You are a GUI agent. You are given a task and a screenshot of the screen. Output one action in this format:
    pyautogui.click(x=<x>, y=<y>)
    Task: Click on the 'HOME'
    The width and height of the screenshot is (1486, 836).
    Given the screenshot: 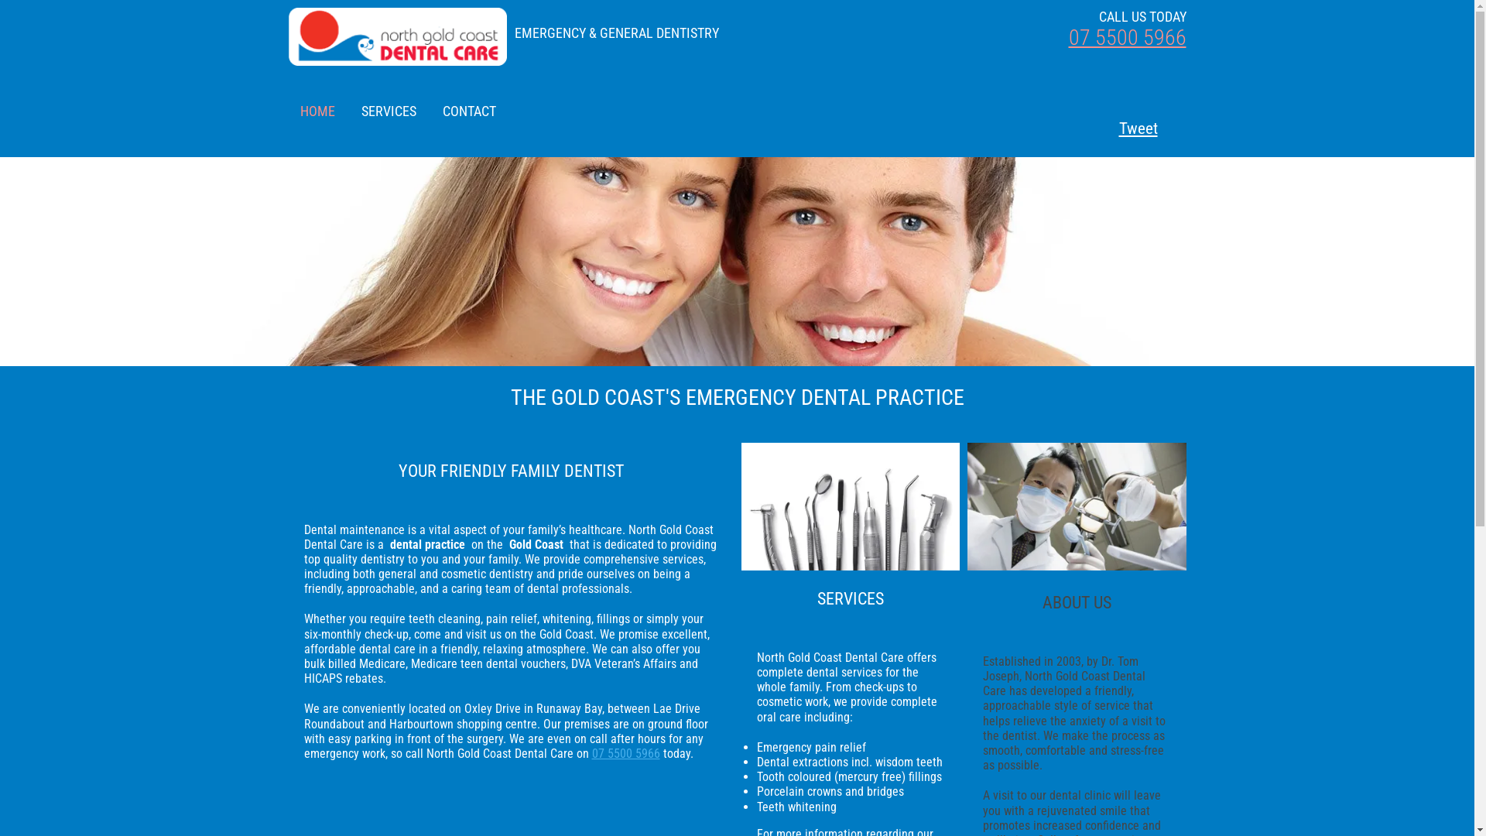 What is the action you would take?
    pyautogui.click(x=317, y=110)
    